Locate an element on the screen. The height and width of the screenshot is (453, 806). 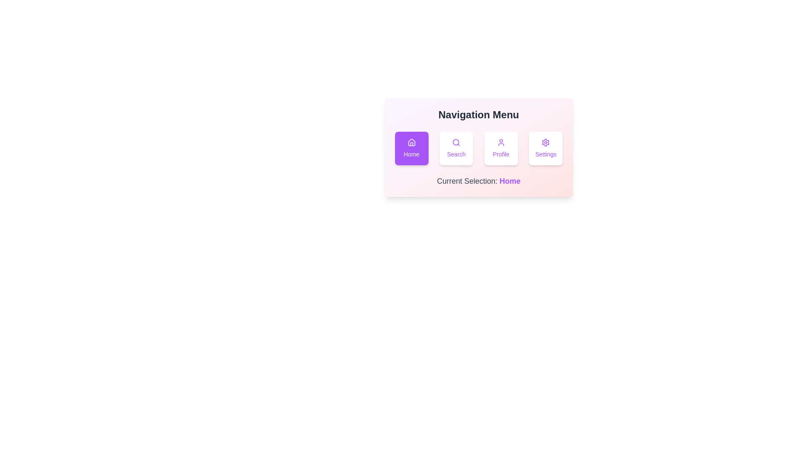
the Settings button to observe its hover animation is located at coordinates (546, 148).